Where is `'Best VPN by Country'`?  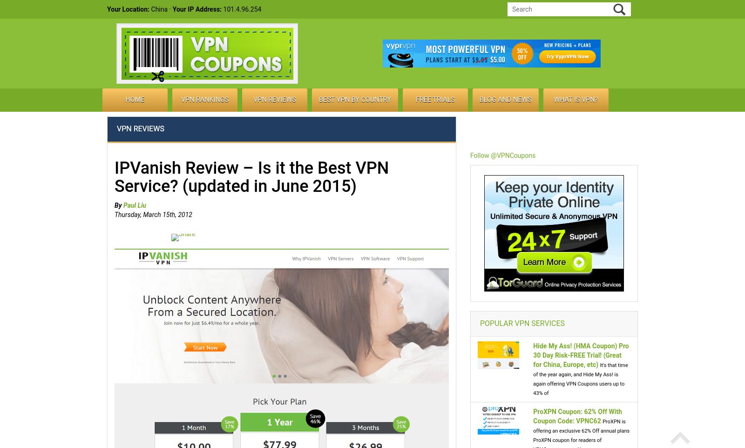 'Best VPN by Country' is located at coordinates (355, 99).